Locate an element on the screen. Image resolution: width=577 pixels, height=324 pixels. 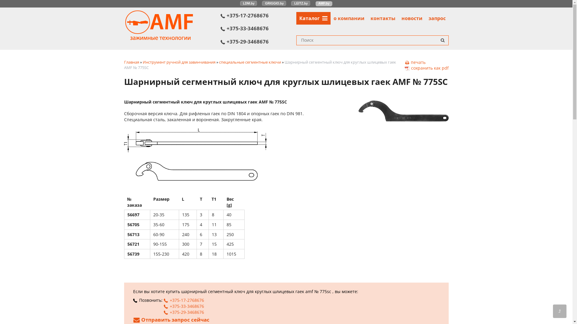
'+375-29-3468676' is located at coordinates (258, 41).